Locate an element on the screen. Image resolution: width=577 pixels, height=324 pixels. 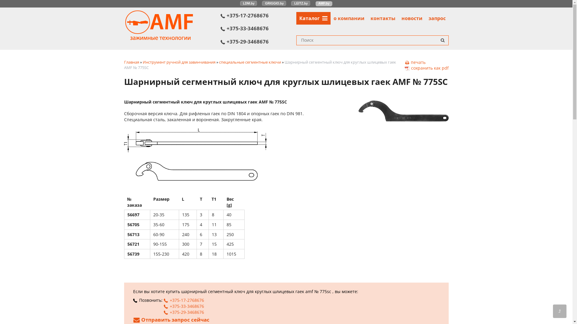
'+375-29-3468676' is located at coordinates (258, 41).